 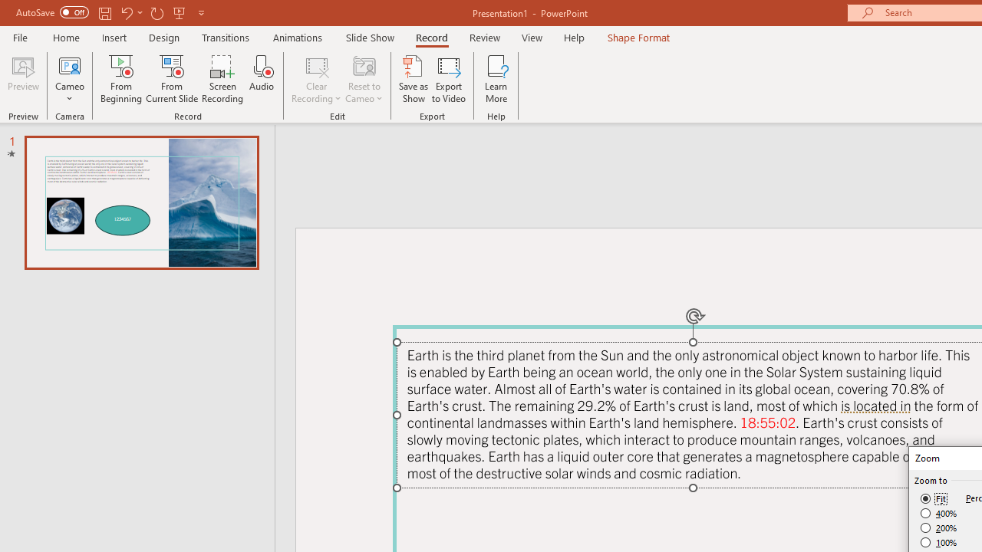 What do you see at coordinates (938, 527) in the screenshot?
I see `'200%'` at bounding box center [938, 527].